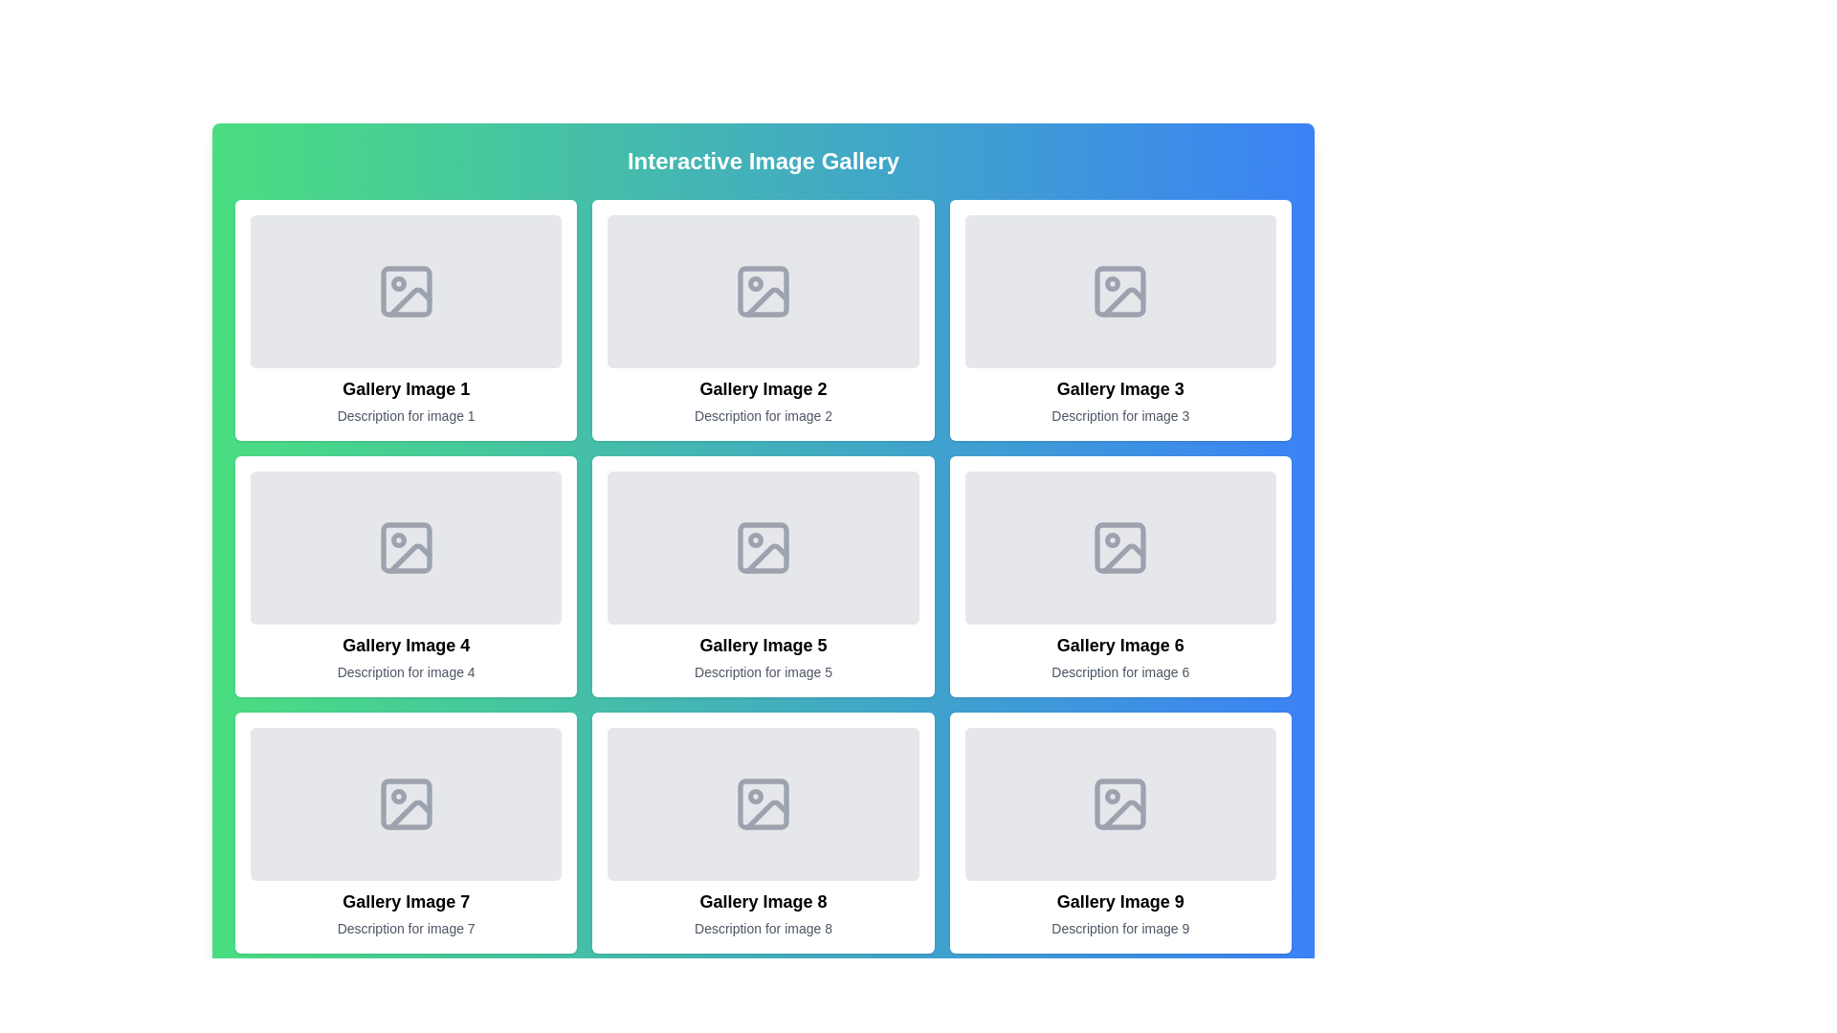 This screenshot has width=1837, height=1033. I want to click on the text label that describes the image in the ninth gallery box, located beneath the 'Gallery Image 9' title within a 3x3 grid layout, so click(1120, 928).